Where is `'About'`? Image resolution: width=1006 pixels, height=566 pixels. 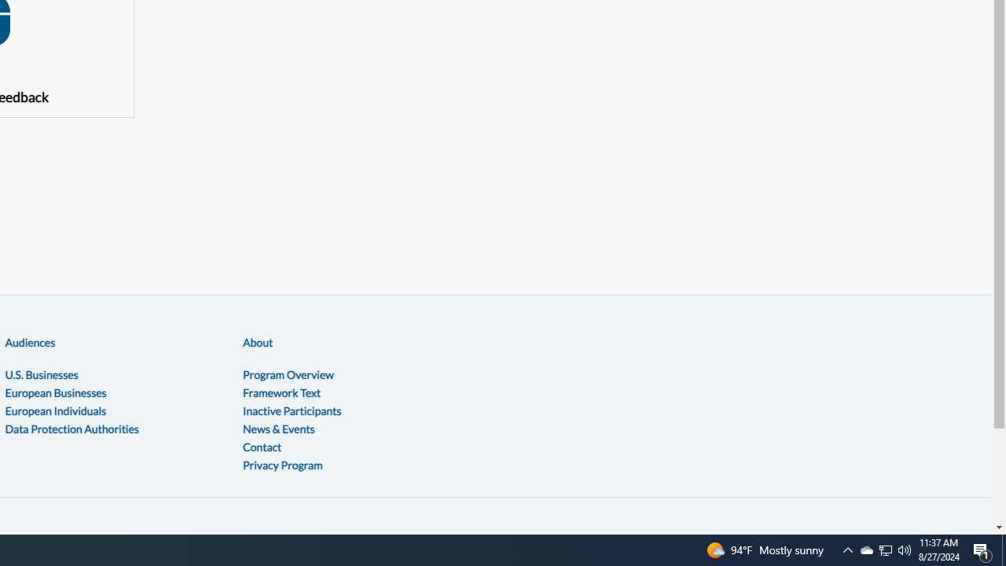 'About' is located at coordinates (258, 341).